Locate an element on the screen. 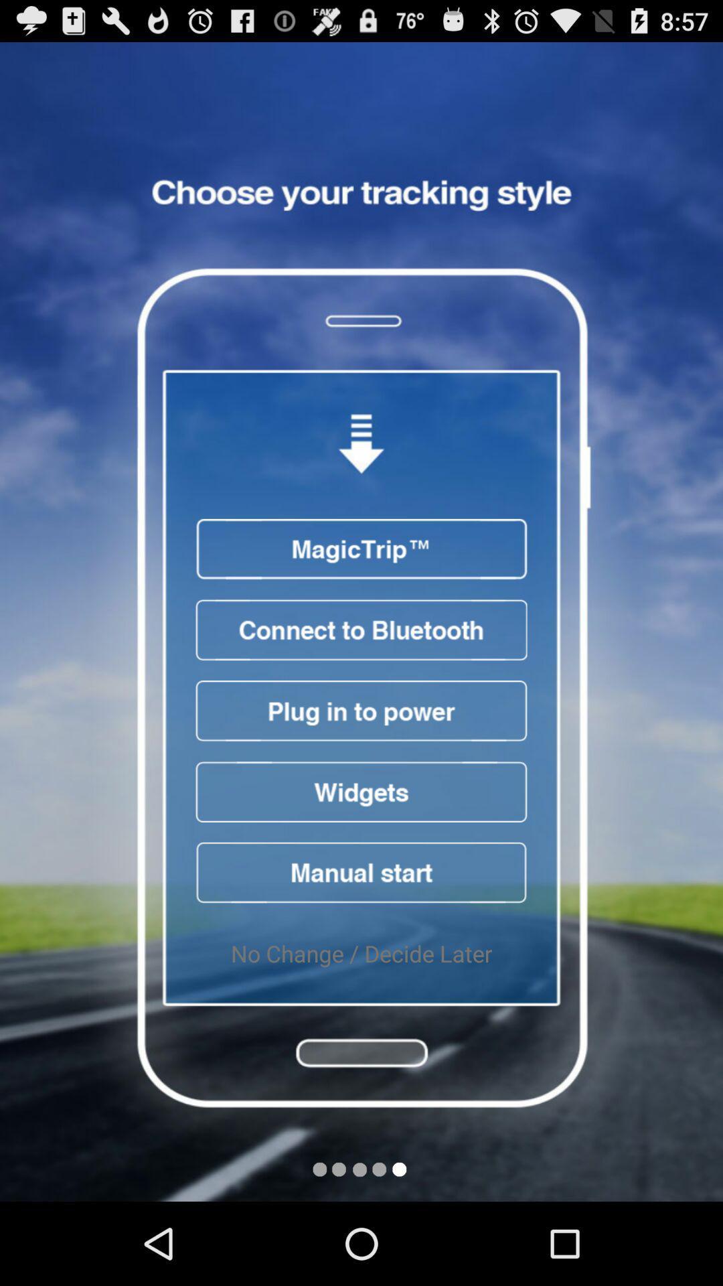  start button is located at coordinates (361, 873).